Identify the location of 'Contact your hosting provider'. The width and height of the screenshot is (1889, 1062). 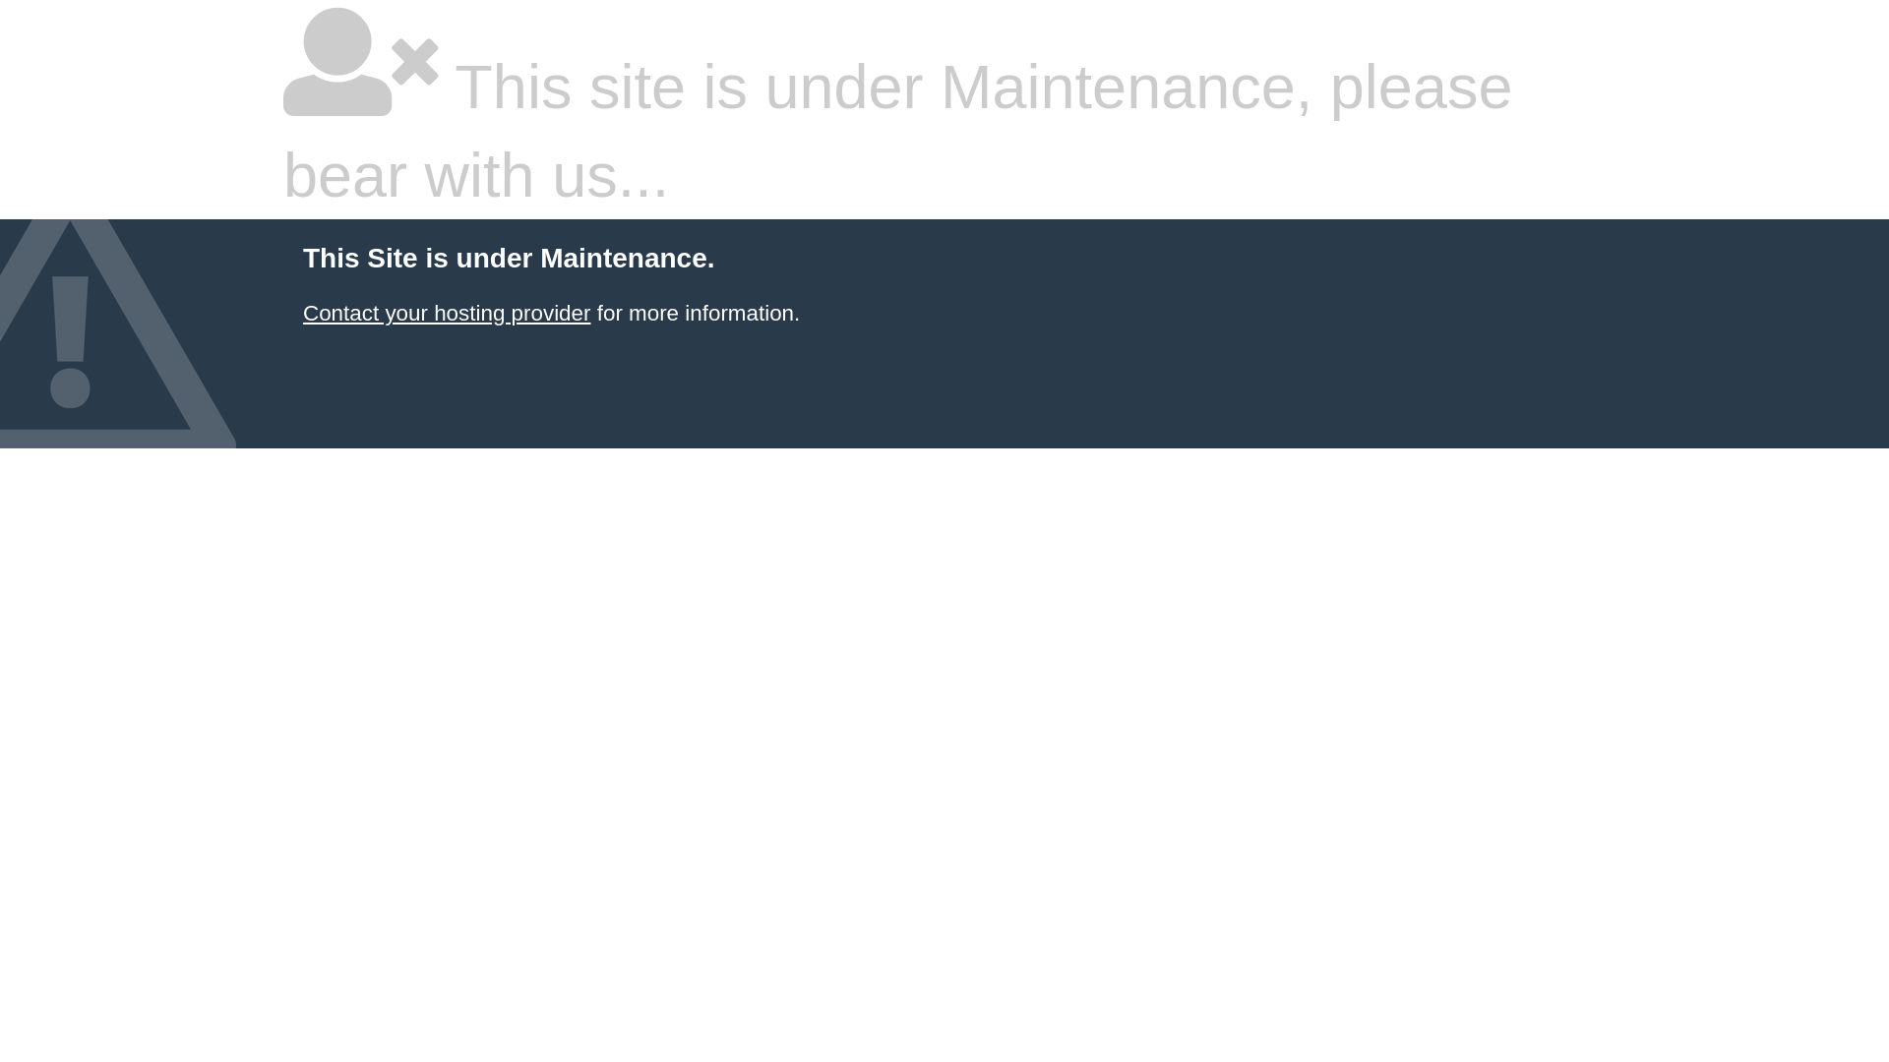
(446, 312).